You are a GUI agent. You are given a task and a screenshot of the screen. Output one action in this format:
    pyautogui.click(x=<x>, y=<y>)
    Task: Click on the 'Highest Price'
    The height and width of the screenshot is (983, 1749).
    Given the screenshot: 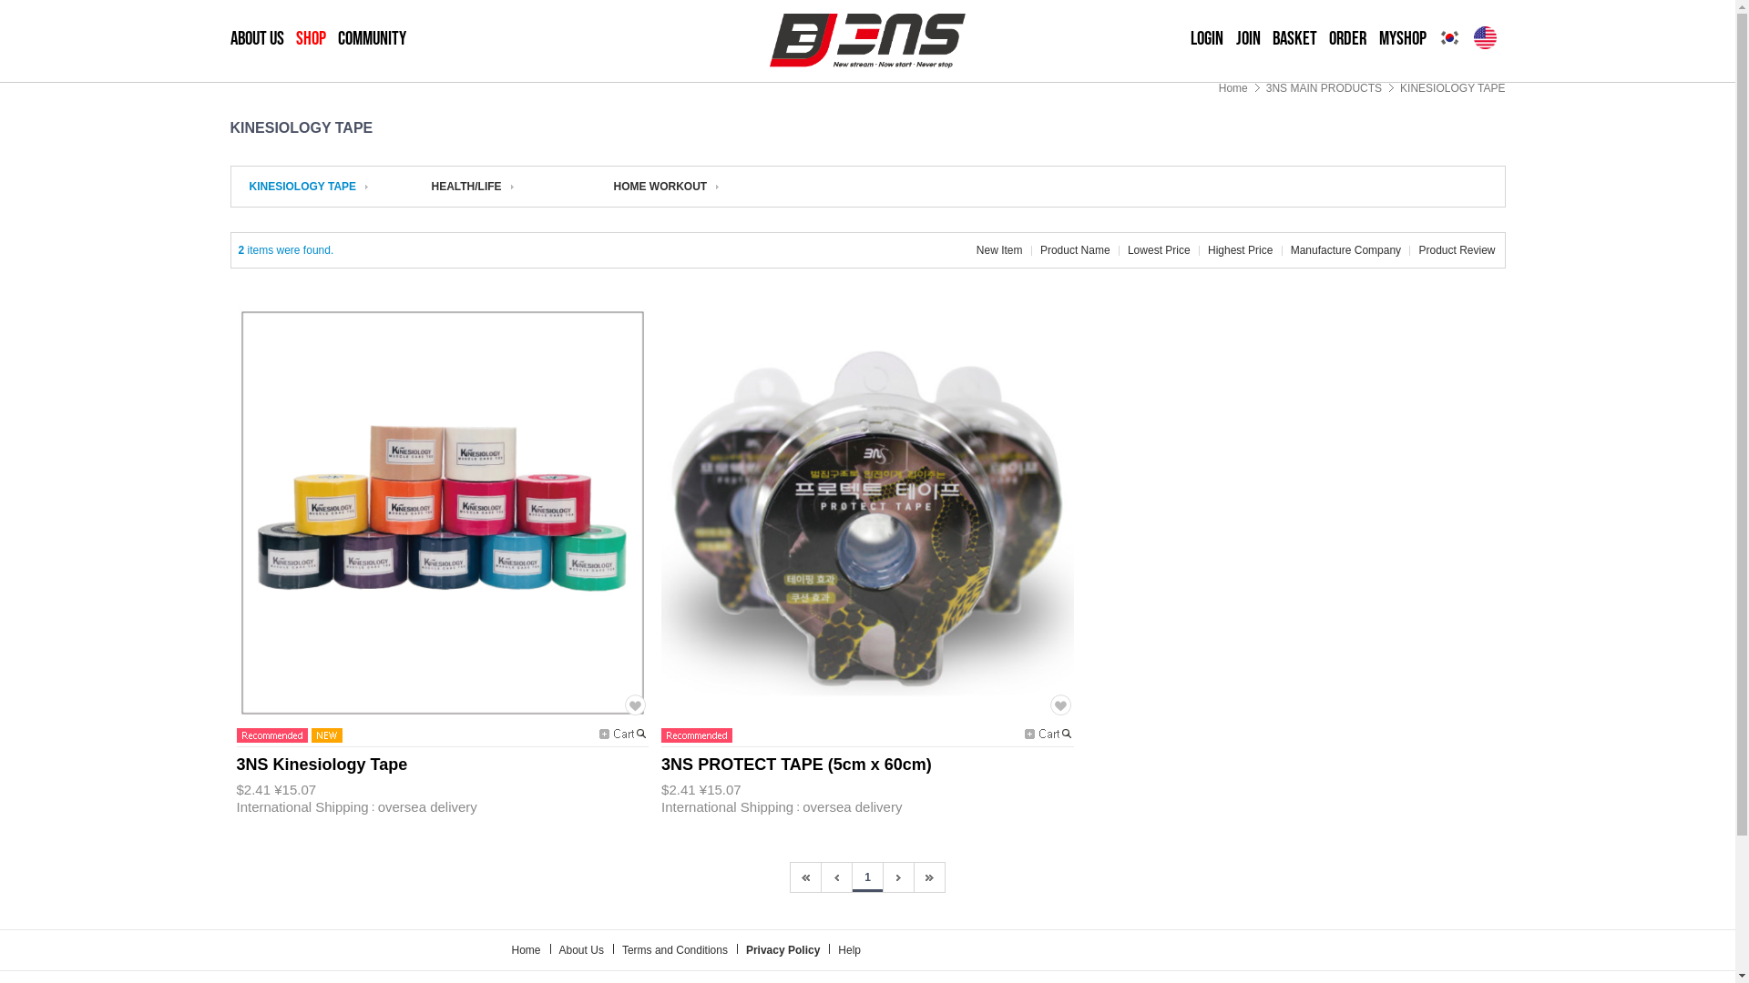 What is the action you would take?
    pyautogui.click(x=1239, y=249)
    